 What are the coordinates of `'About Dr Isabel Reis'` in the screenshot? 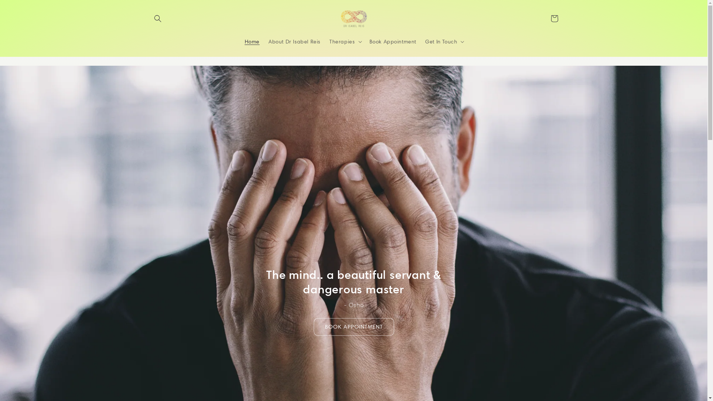 It's located at (294, 41).